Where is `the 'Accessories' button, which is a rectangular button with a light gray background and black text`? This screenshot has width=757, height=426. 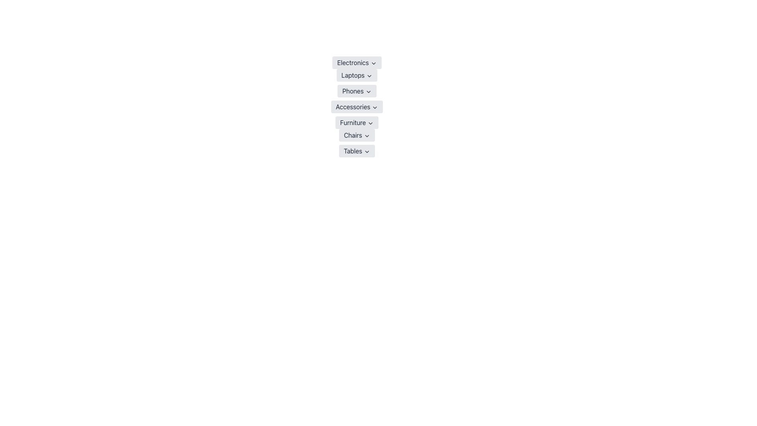
the 'Accessories' button, which is a rectangular button with a light gray background and black text is located at coordinates (356, 106).